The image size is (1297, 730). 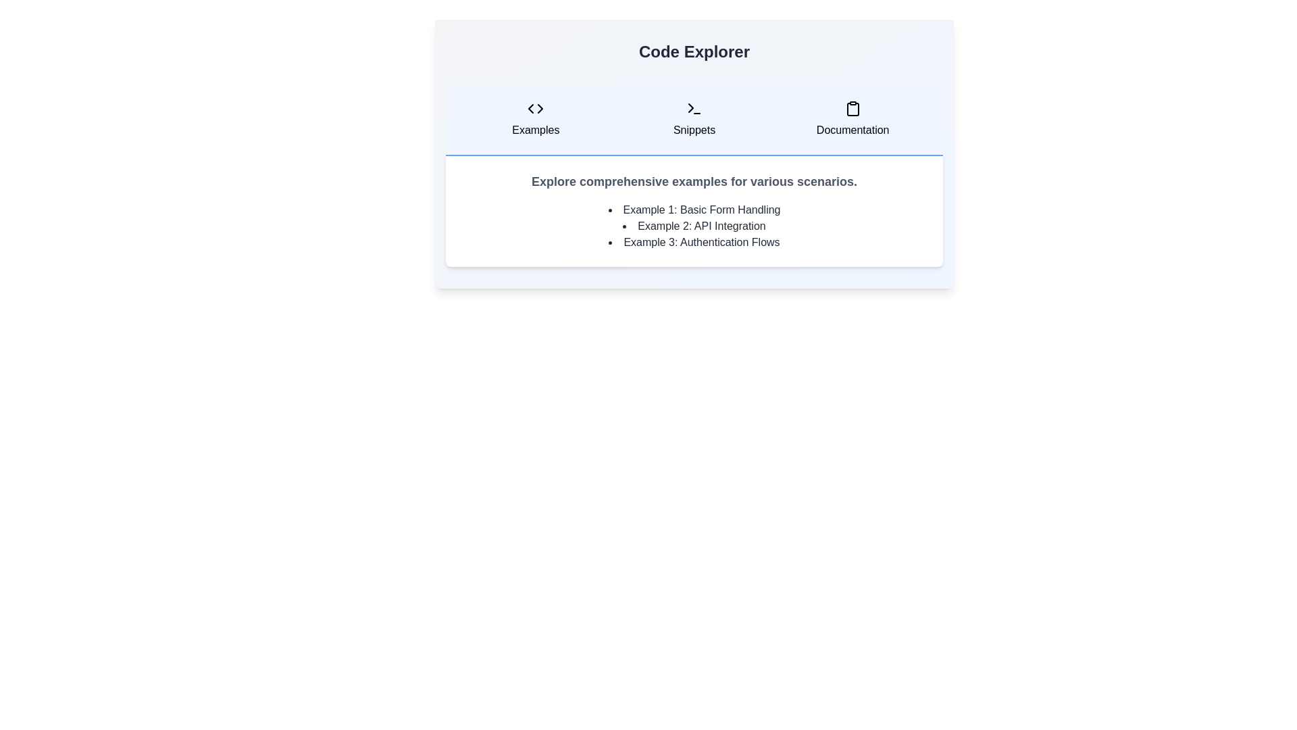 What do you see at coordinates (535, 108) in the screenshot?
I see `the icon representing the 'Examples' tab, which is visually aligned with the coding theme and is located horizontally centered and near the top edge of the tab` at bounding box center [535, 108].